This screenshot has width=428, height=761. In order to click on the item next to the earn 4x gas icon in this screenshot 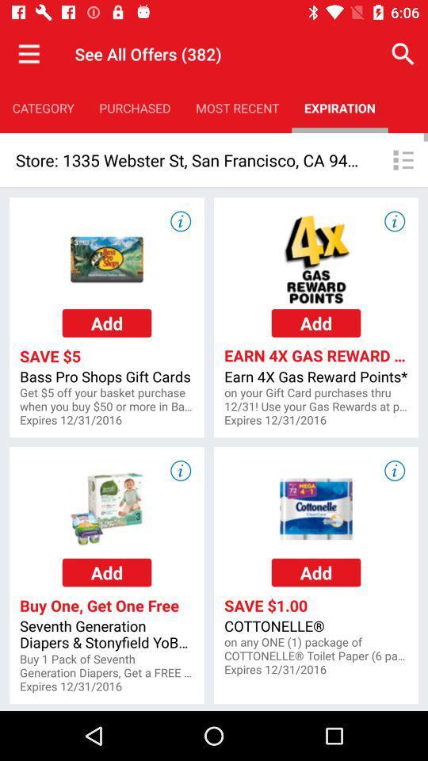, I will do `click(107, 399)`.